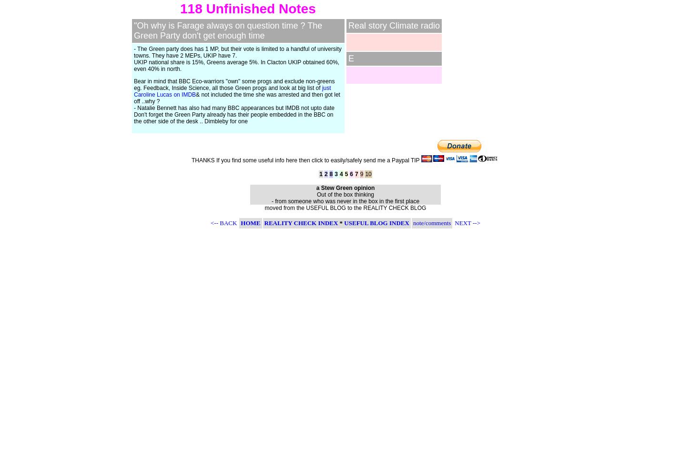  I want to click on 'HOME', so click(250, 222).